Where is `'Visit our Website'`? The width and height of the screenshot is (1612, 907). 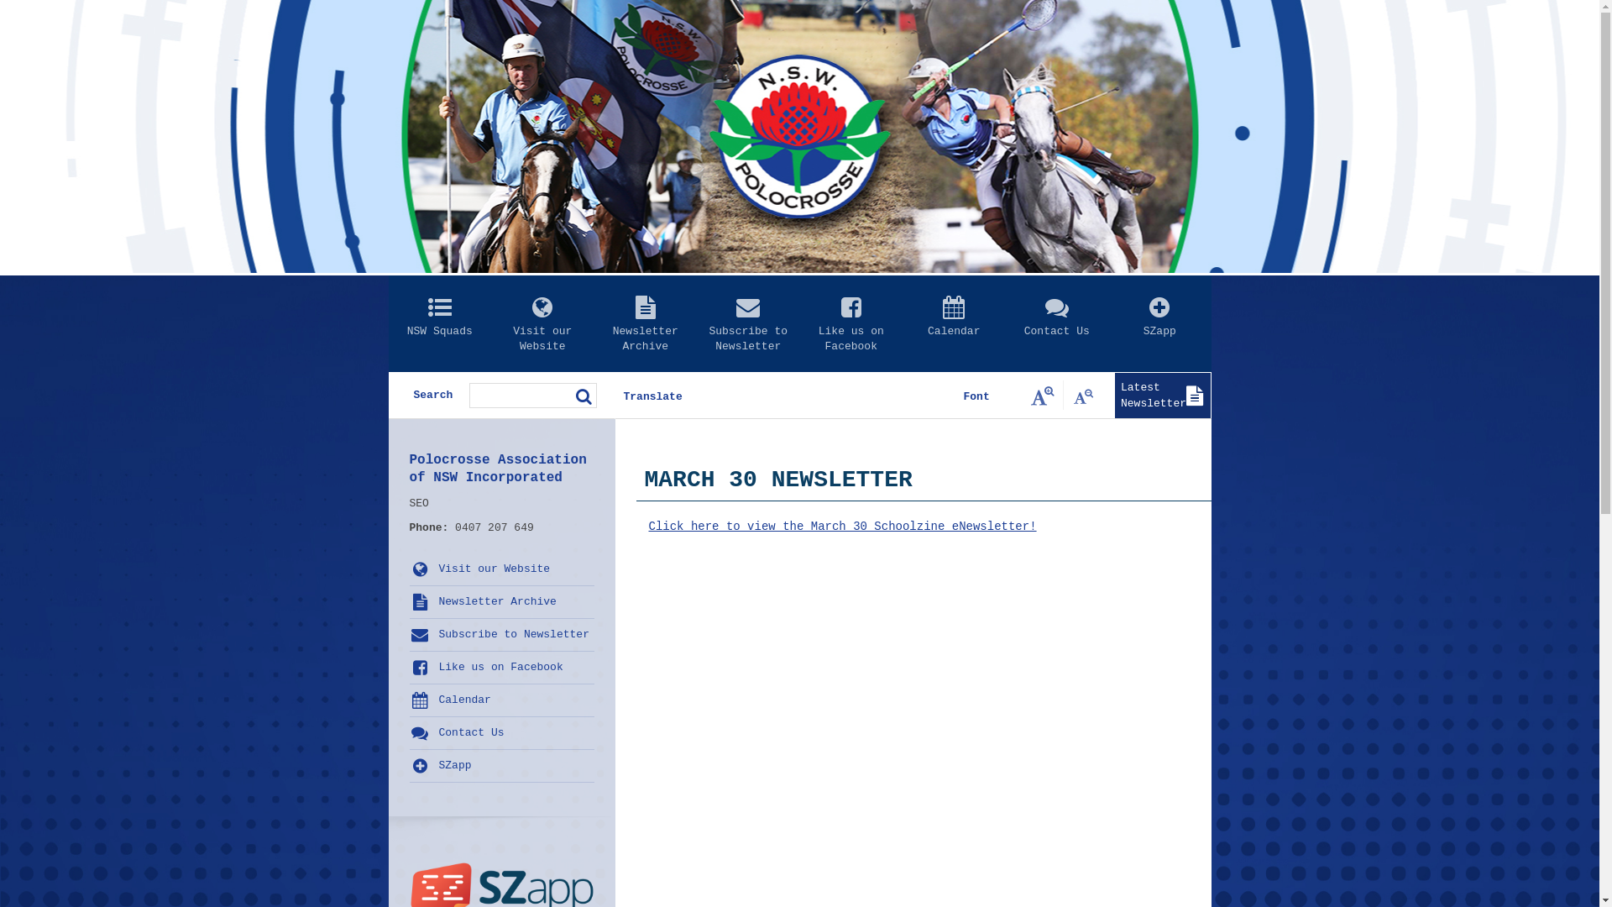 'Visit our Website' is located at coordinates (501, 569).